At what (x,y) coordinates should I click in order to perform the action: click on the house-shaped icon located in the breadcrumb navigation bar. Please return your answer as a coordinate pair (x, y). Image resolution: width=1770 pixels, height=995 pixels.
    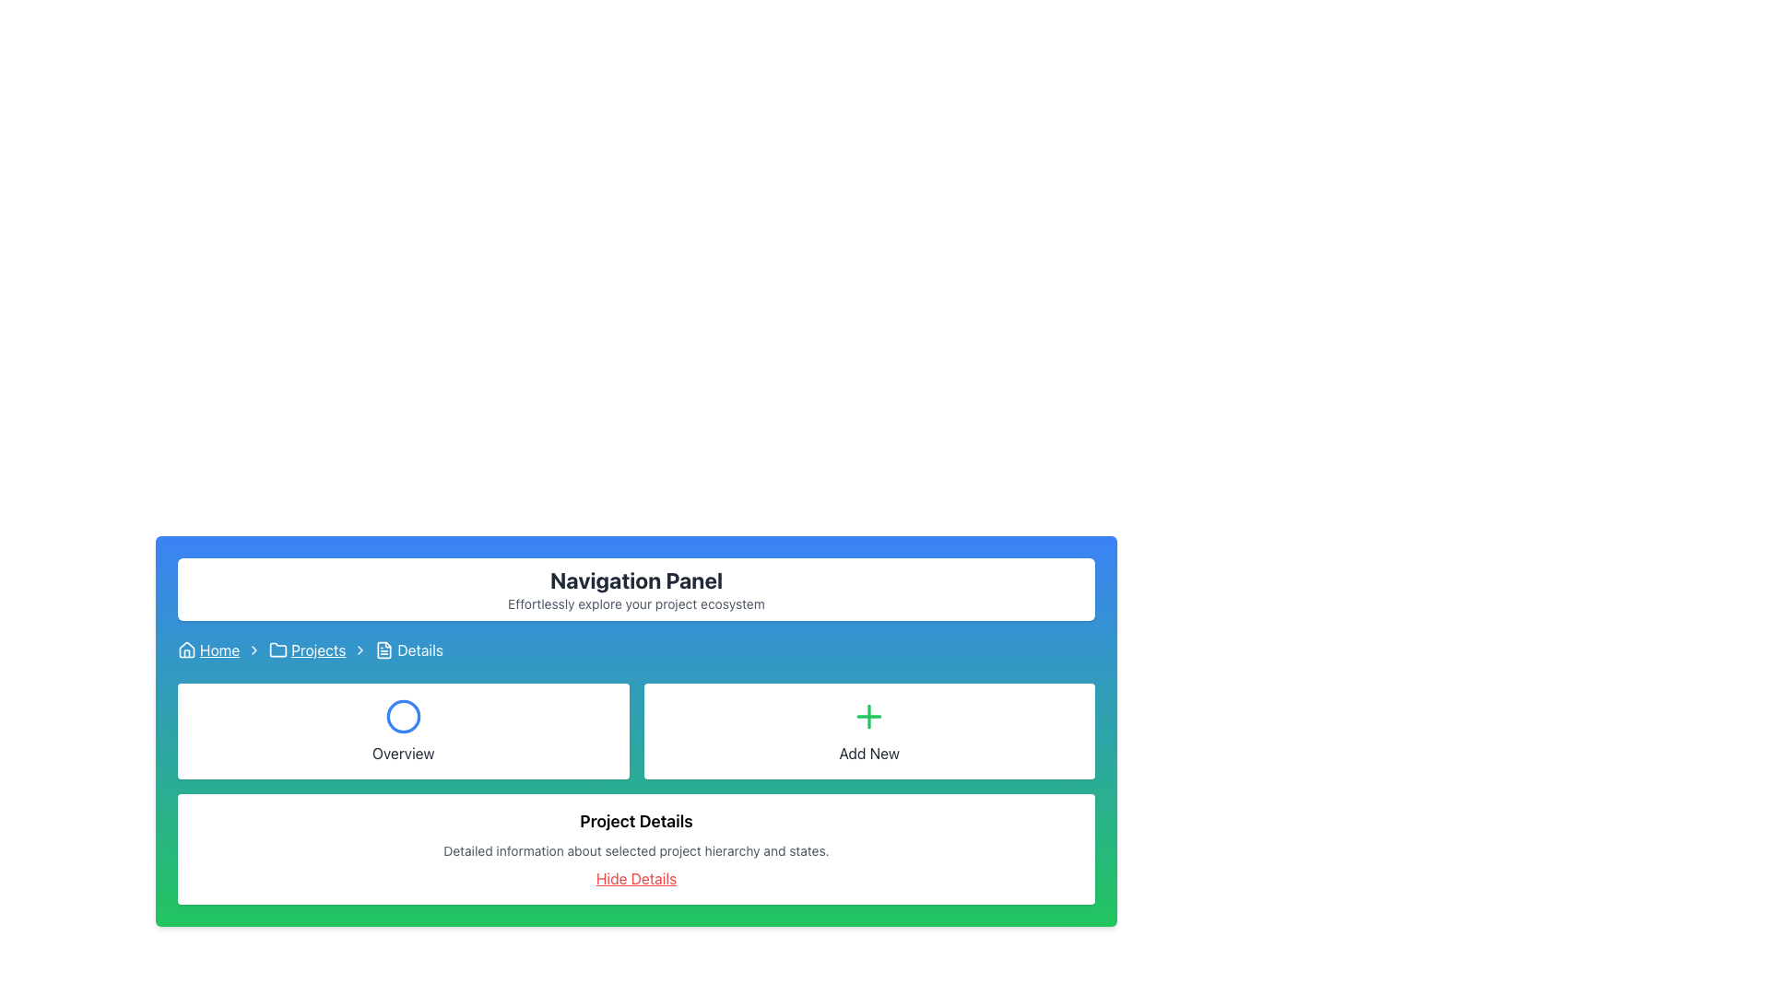
    Looking at the image, I should click on (186, 649).